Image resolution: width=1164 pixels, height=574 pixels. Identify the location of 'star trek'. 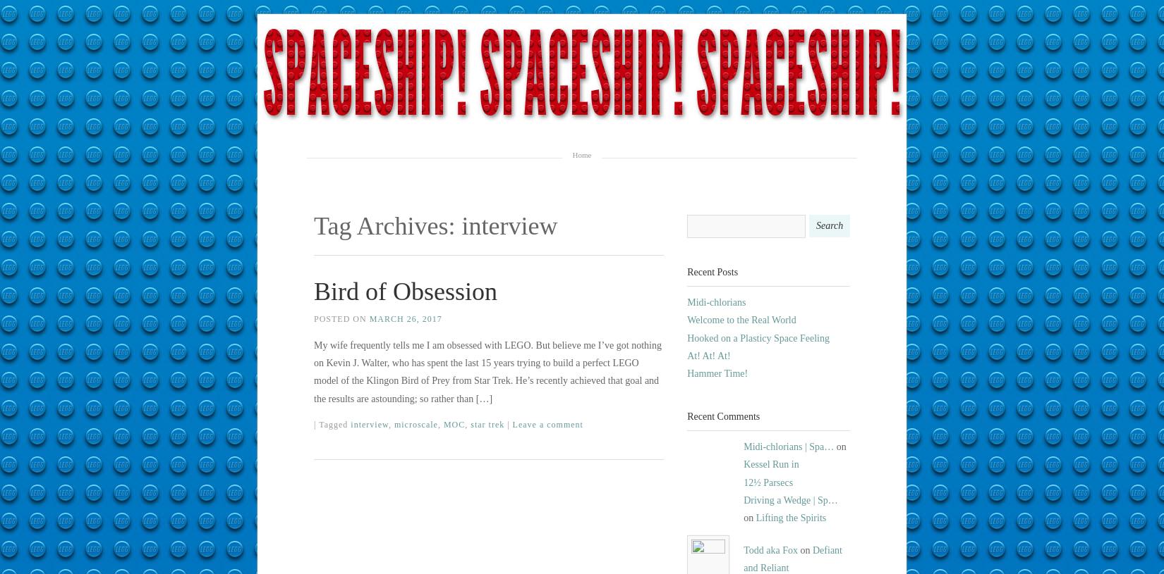
(487, 423).